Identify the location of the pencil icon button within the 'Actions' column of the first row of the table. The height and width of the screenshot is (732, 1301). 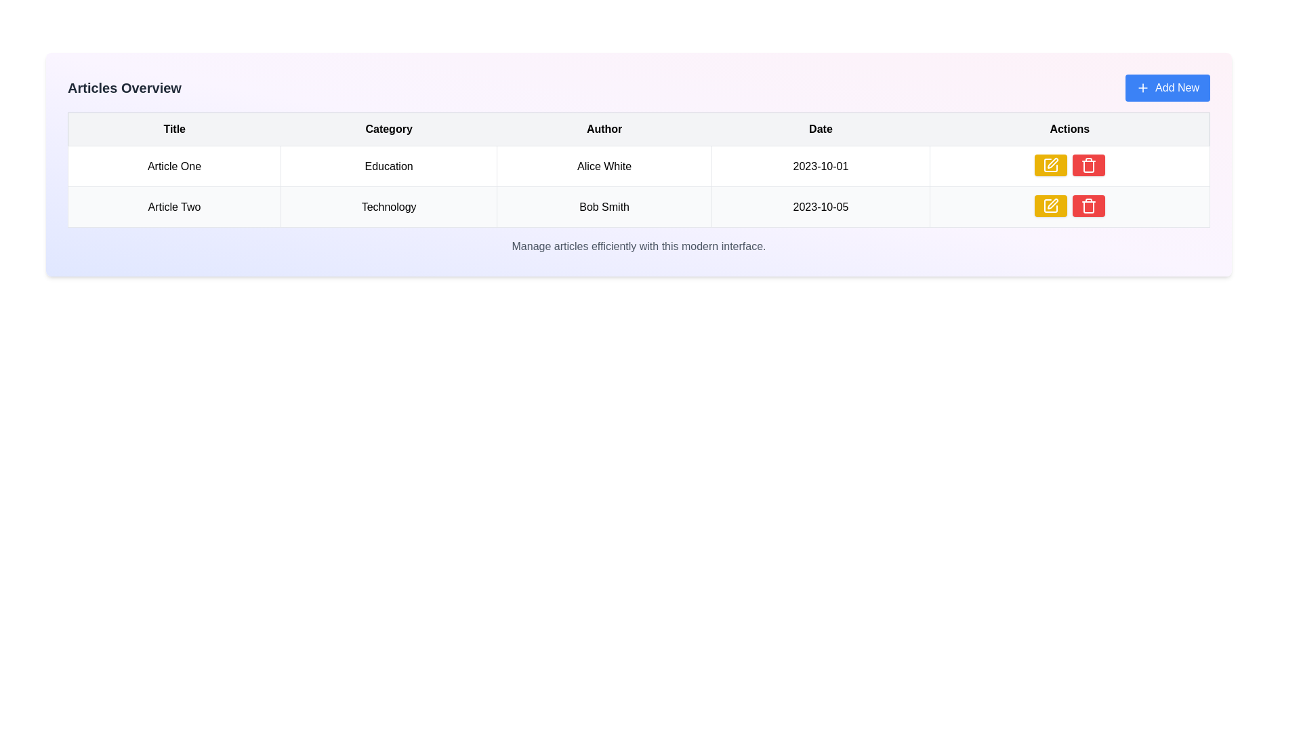
(1050, 164).